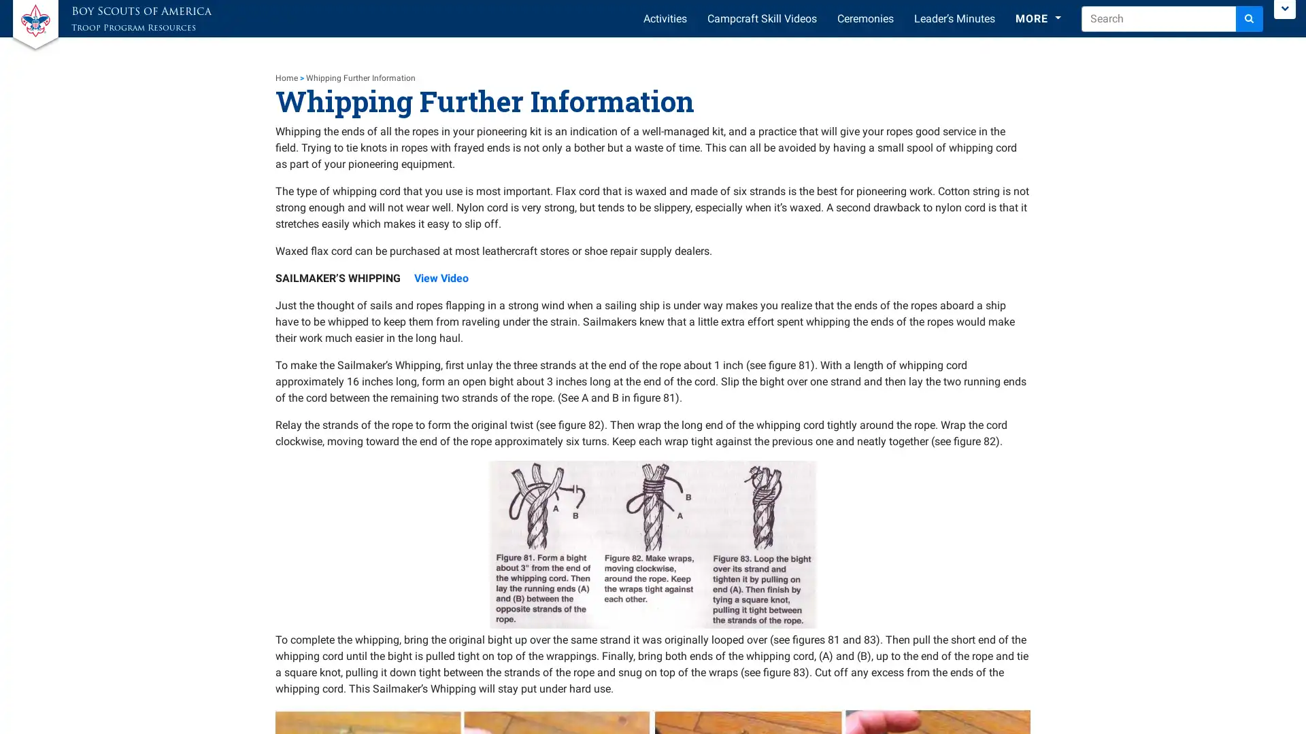 The width and height of the screenshot is (1306, 734). What do you see at coordinates (1250, 18) in the screenshot?
I see `Search` at bounding box center [1250, 18].